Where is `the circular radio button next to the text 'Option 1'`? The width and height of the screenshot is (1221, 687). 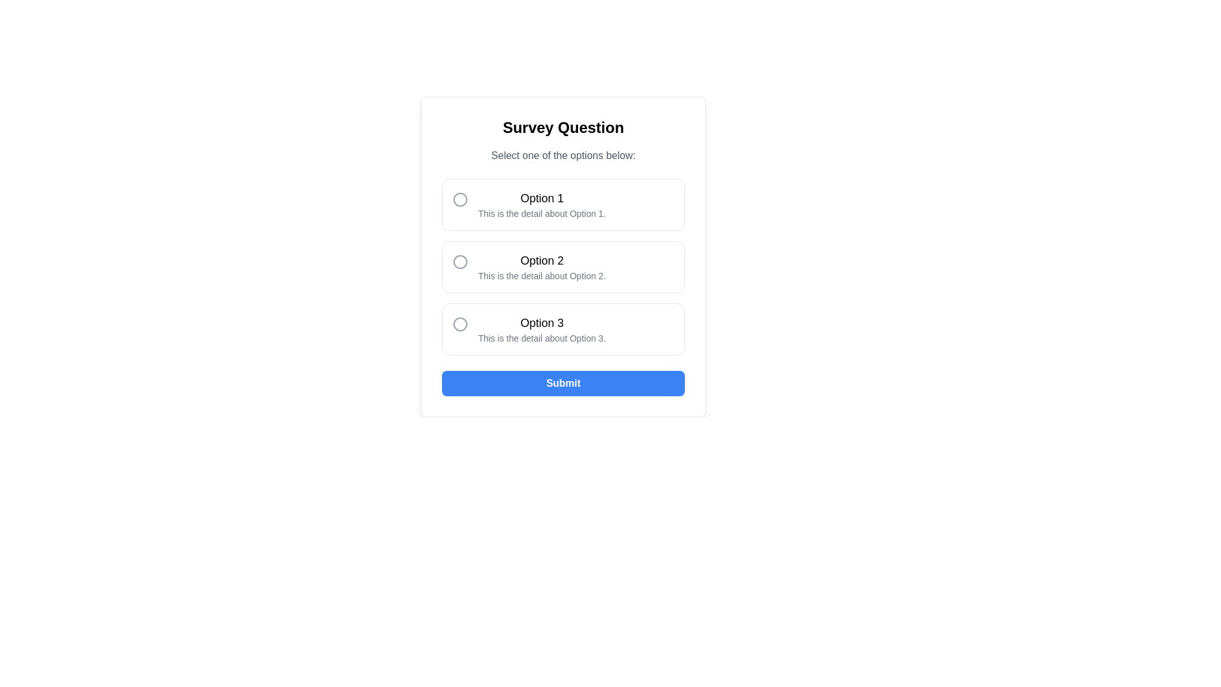 the circular radio button next to the text 'Option 1' is located at coordinates (460, 199).